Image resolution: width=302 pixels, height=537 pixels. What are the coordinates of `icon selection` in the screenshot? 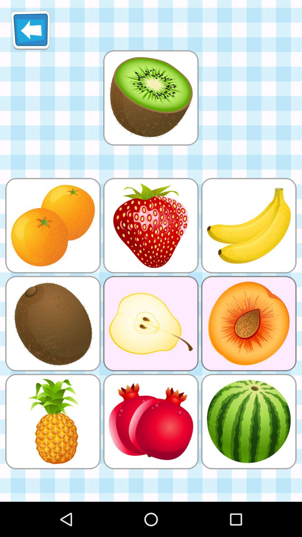 It's located at (150, 98).